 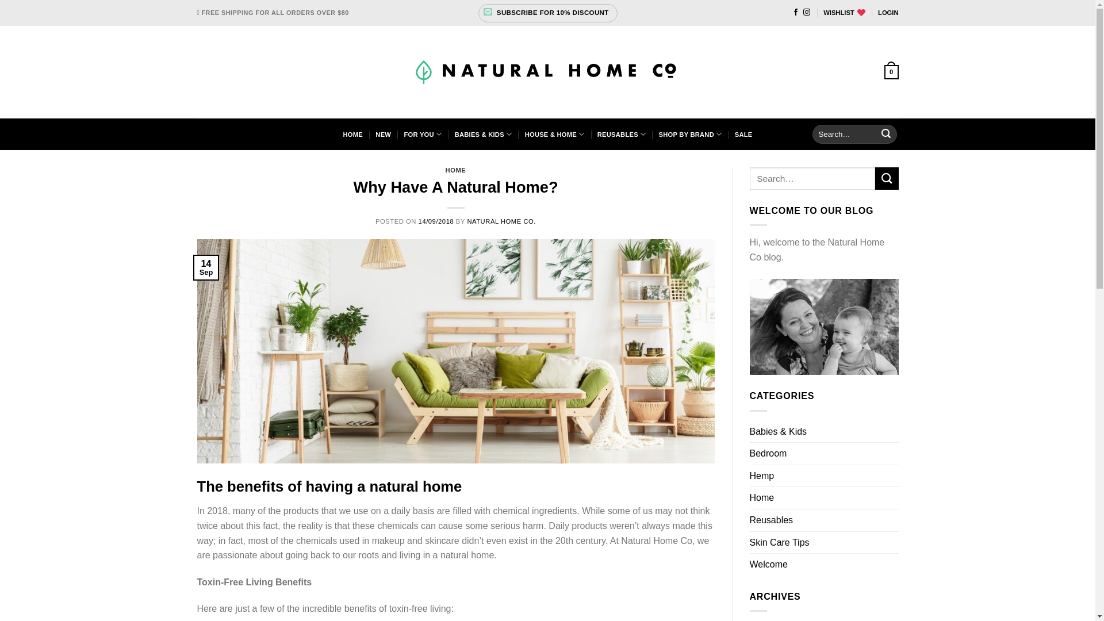 I want to click on '14/09/2018', so click(x=435, y=221).